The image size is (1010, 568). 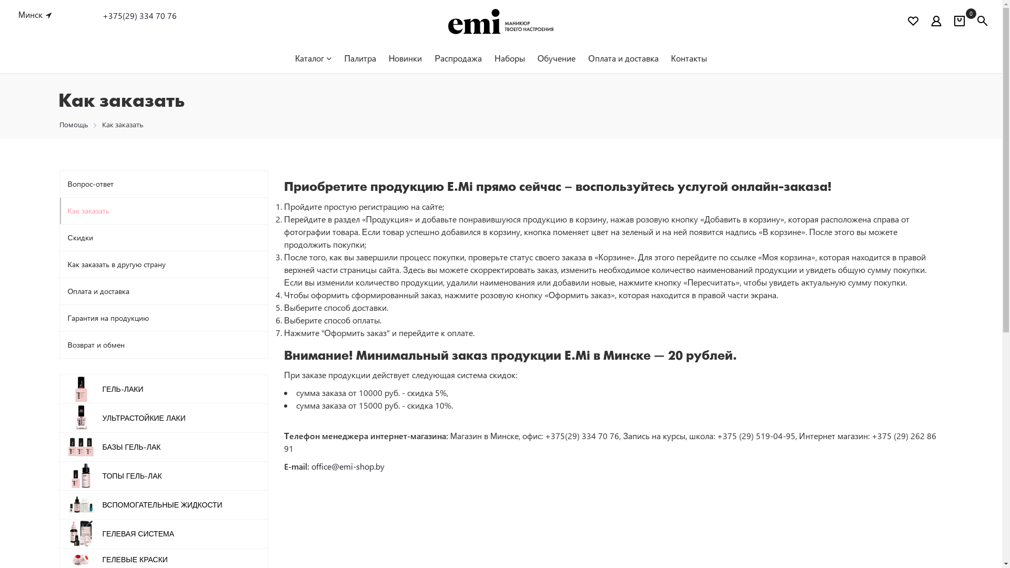 What do you see at coordinates (959, 22) in the screenshot?
I see `'0'` at bounding box center [959, 22].